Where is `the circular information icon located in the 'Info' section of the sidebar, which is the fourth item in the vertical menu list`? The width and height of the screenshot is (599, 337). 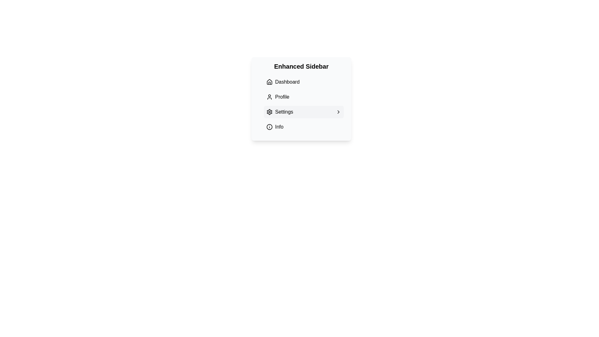 the circular information icon located in the 'Info' section of the sidebar, which is the fourth item in the vertical menu list is located at coordinates (270, 127).